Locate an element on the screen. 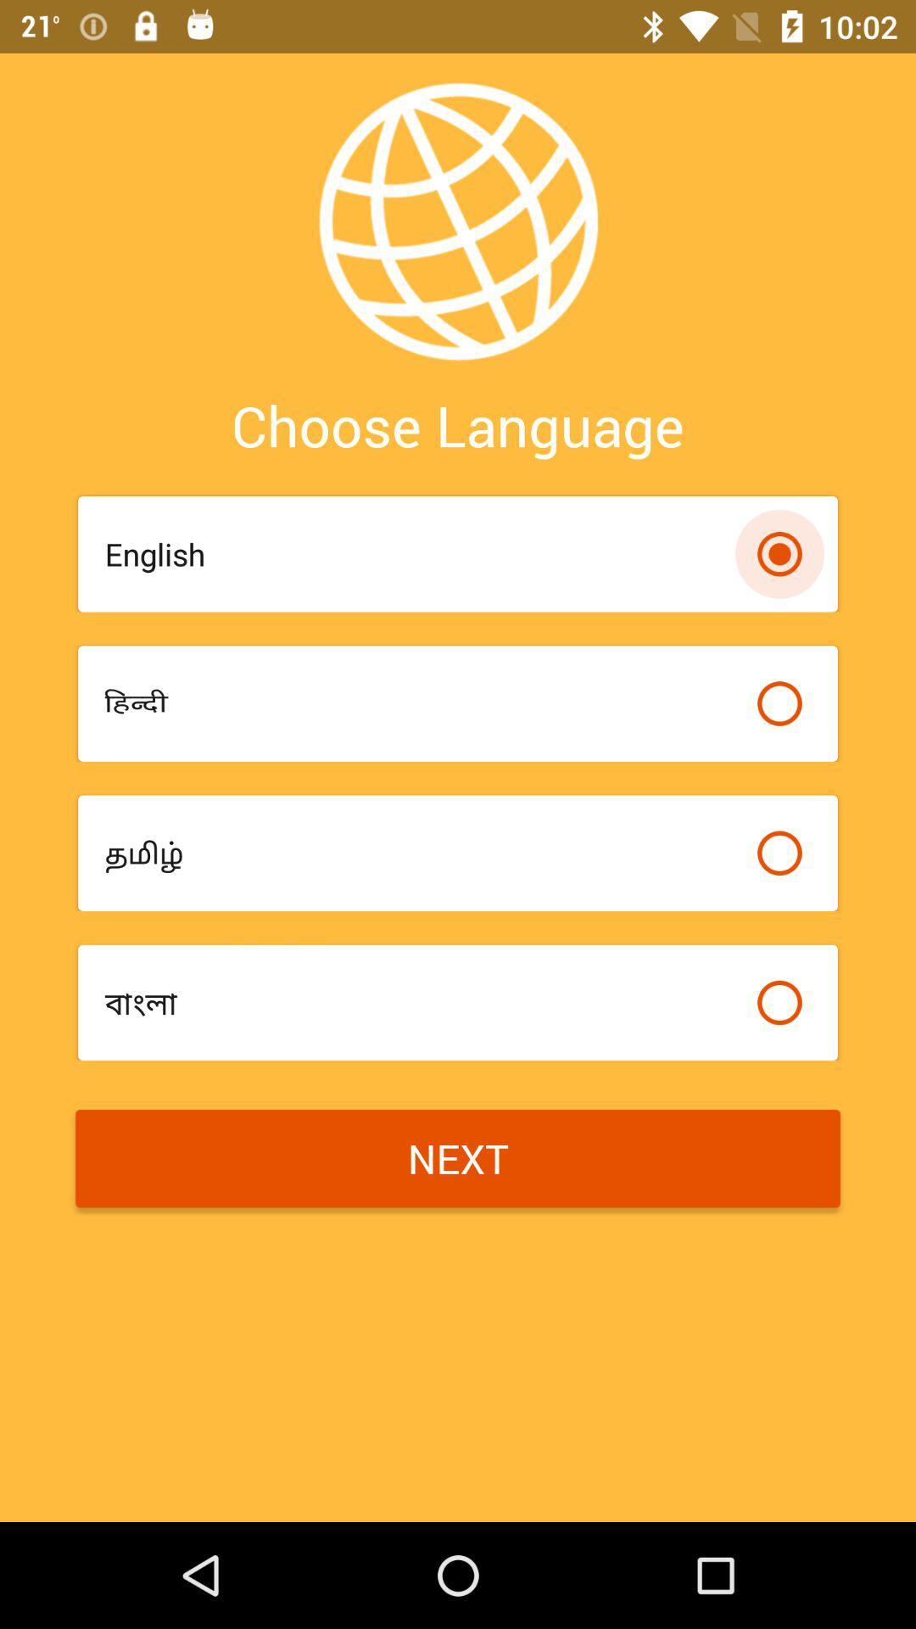 Image resolution: width=916 pixels, height=1629 pixels. the item above next is located at coordinates (421, 1002).